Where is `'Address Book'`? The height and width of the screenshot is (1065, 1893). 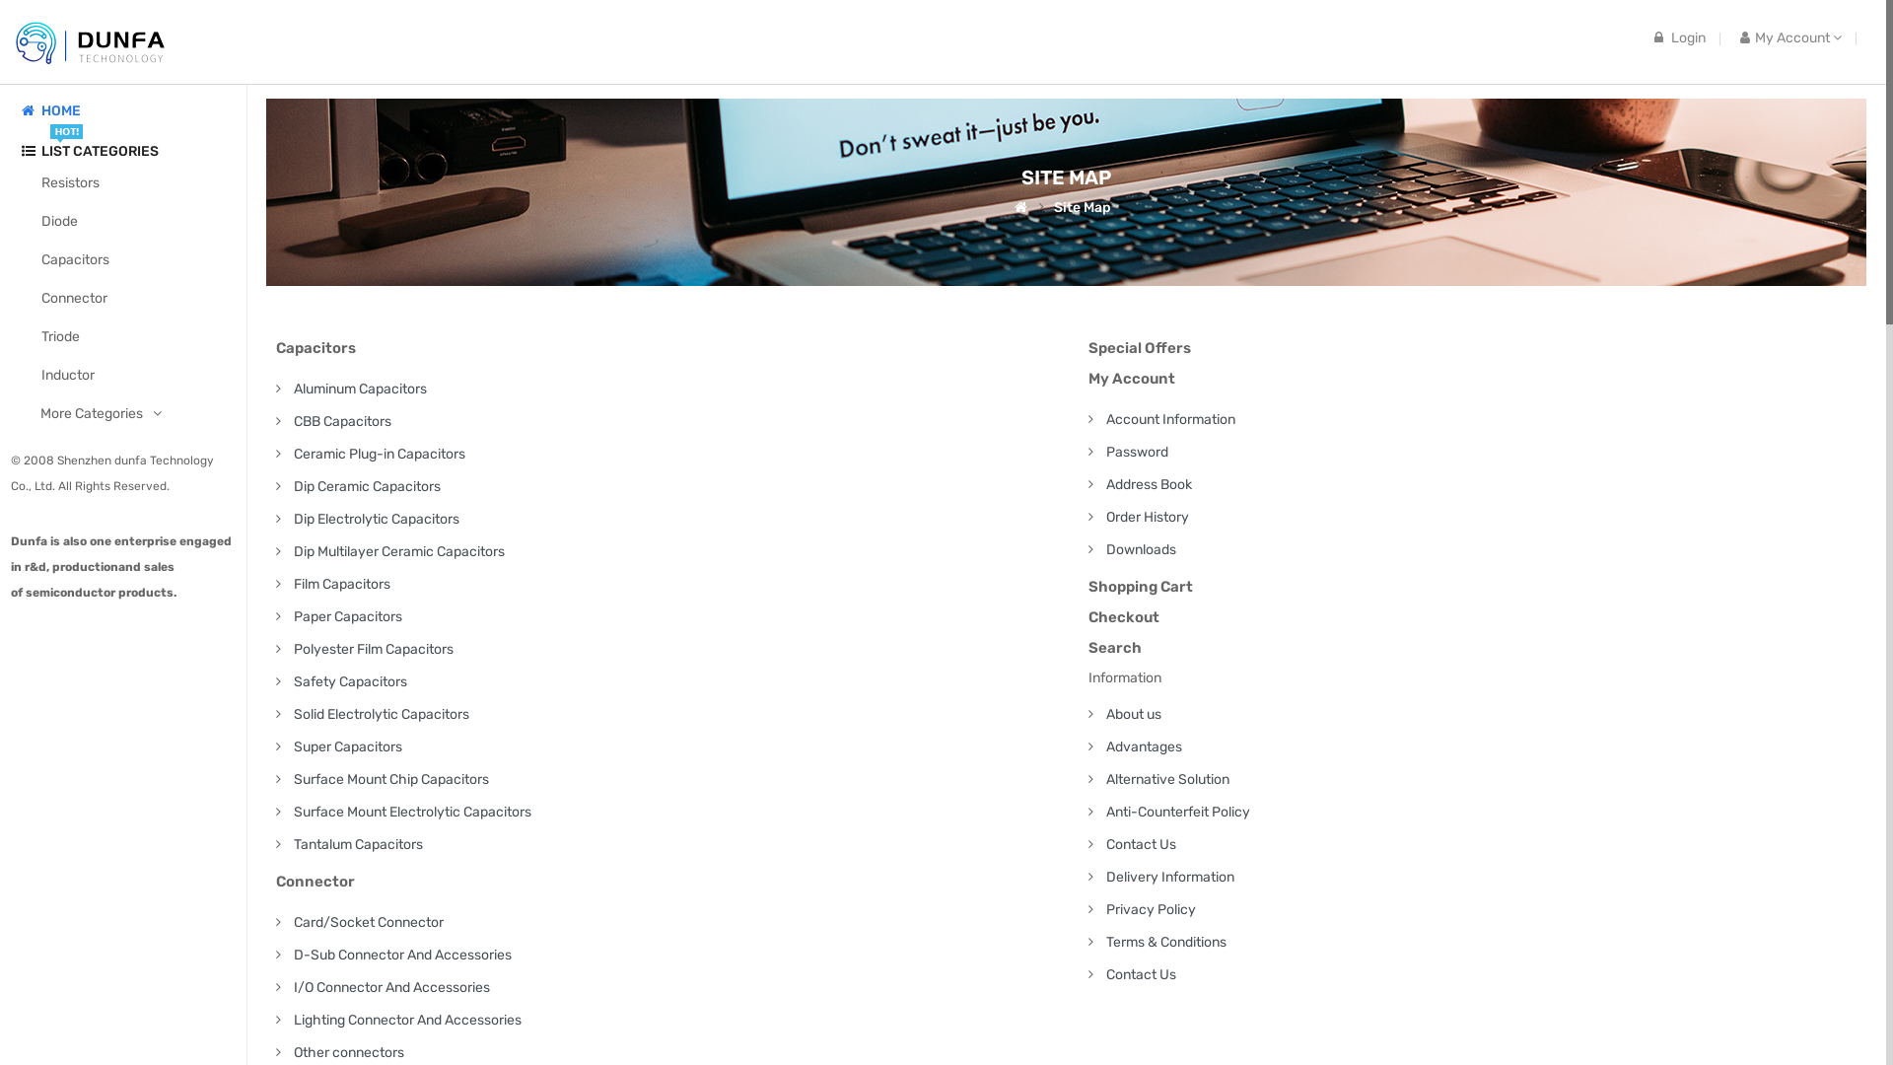
'Address Book' is located at coordinates (1149, 484).